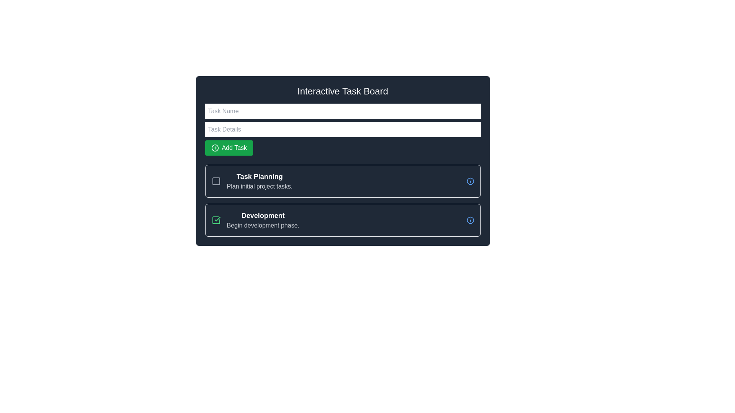  I want to click on the circular icon or button located on the far-right side of the 'Development' task section, so click(470, 220).